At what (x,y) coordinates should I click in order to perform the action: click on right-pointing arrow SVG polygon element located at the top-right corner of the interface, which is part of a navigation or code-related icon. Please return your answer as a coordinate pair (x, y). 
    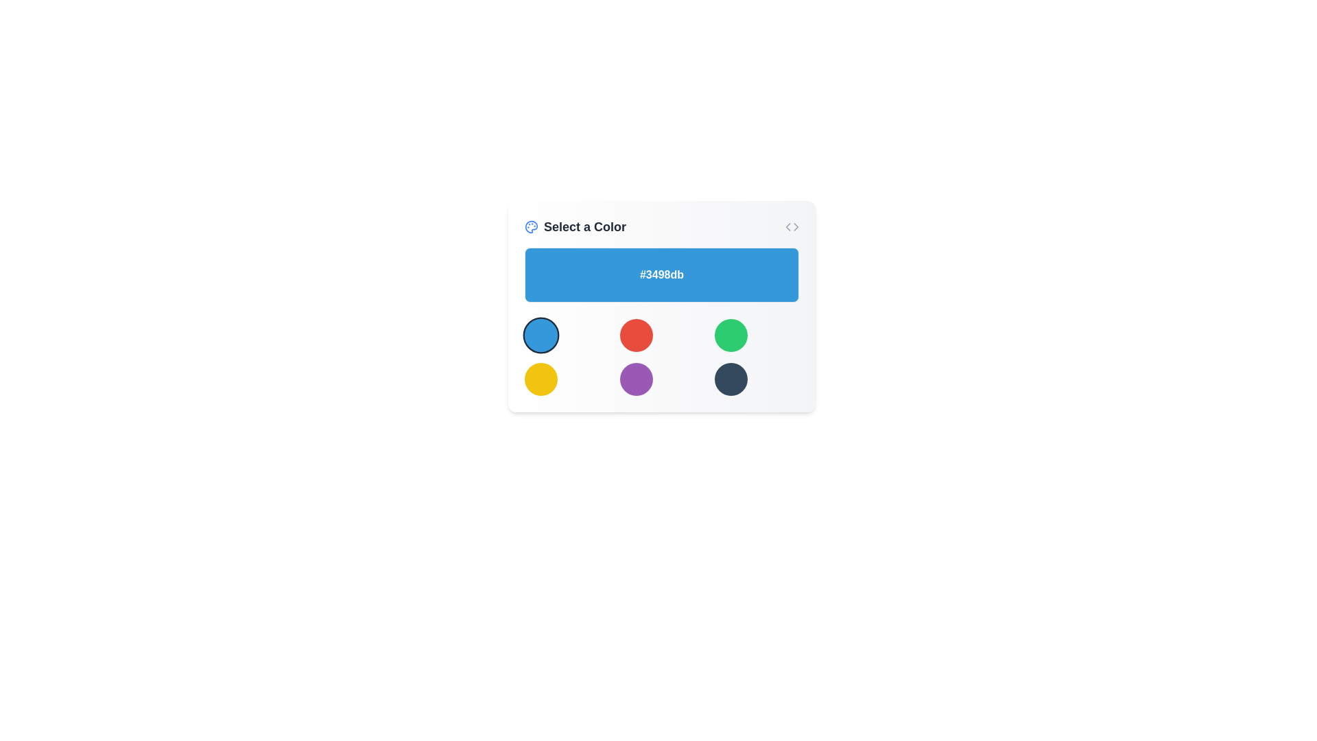
    Looking at the image, I should click on (796, 226).